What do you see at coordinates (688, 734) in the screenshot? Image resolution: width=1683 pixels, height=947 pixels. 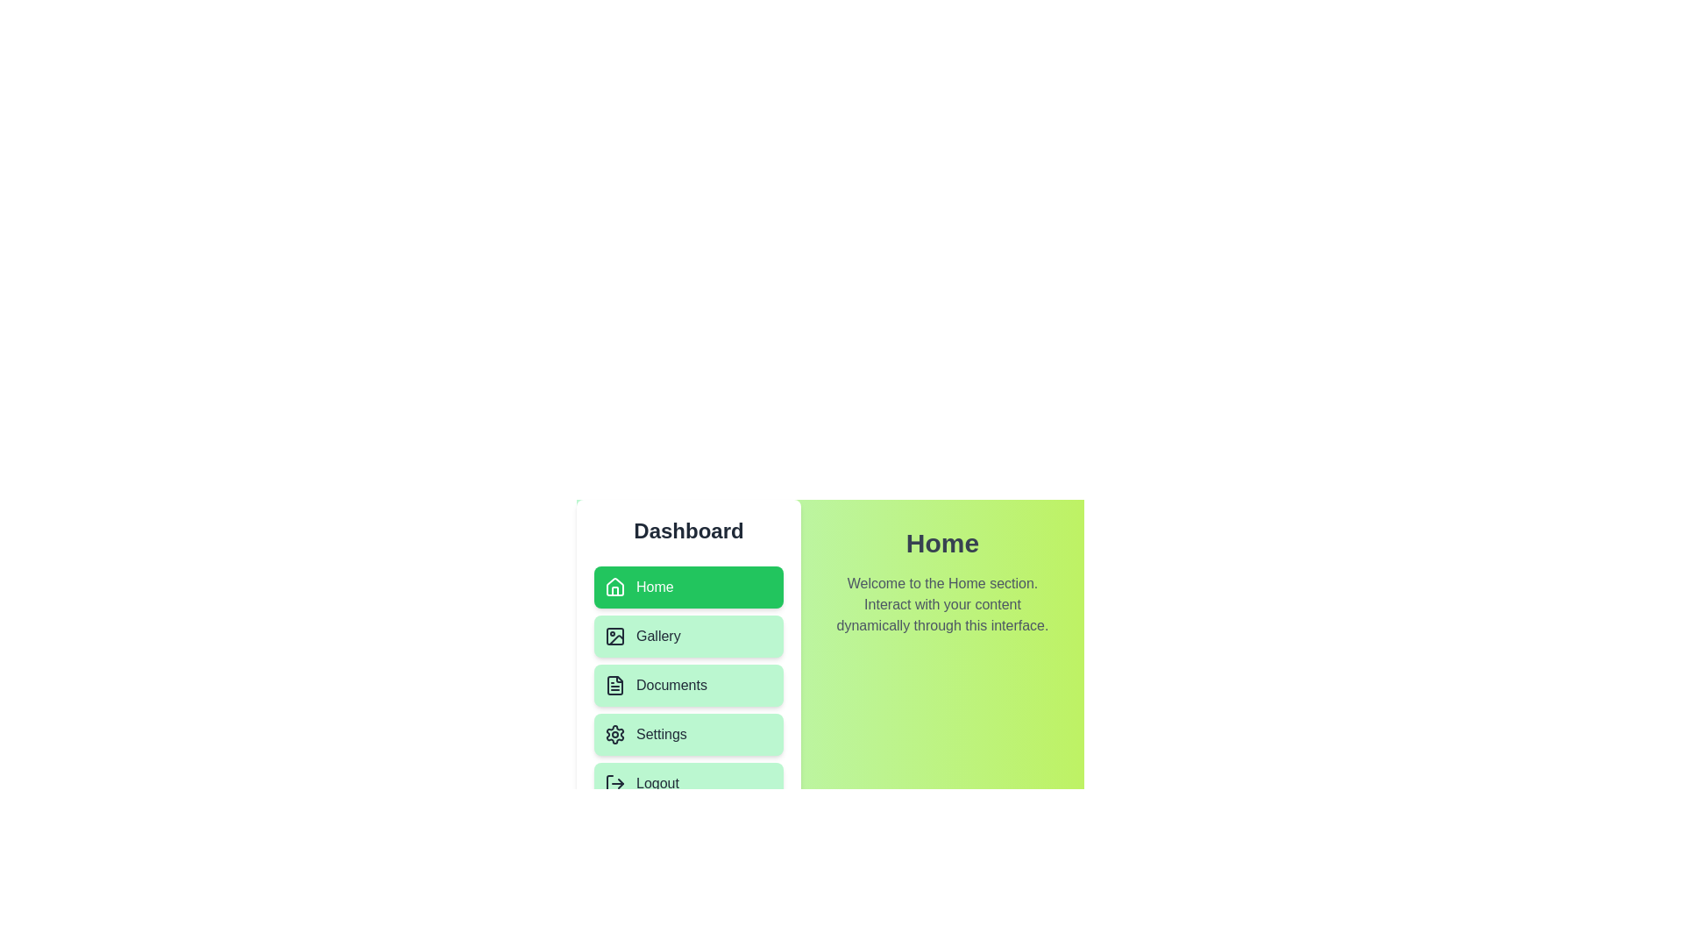 I see `the menu item Settings to navigate to its corresponding section` at bounding box center [688, 734].